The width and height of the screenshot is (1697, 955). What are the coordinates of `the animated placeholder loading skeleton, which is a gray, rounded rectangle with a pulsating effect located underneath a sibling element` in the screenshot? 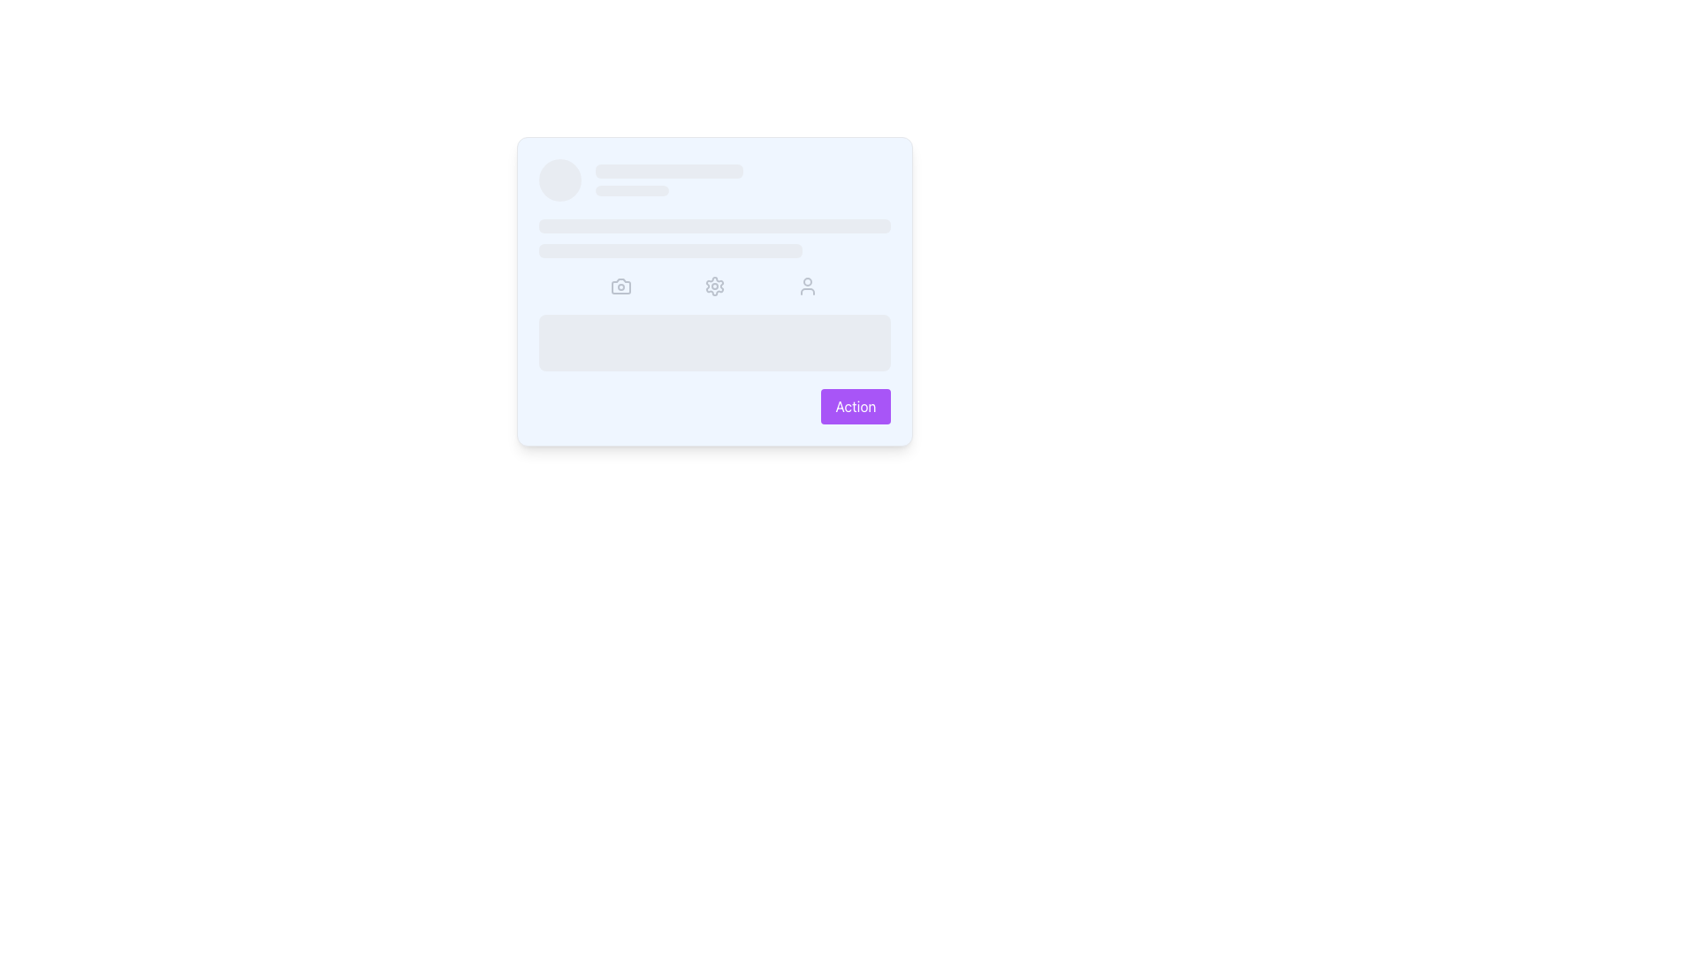 It's located at (669, 251).